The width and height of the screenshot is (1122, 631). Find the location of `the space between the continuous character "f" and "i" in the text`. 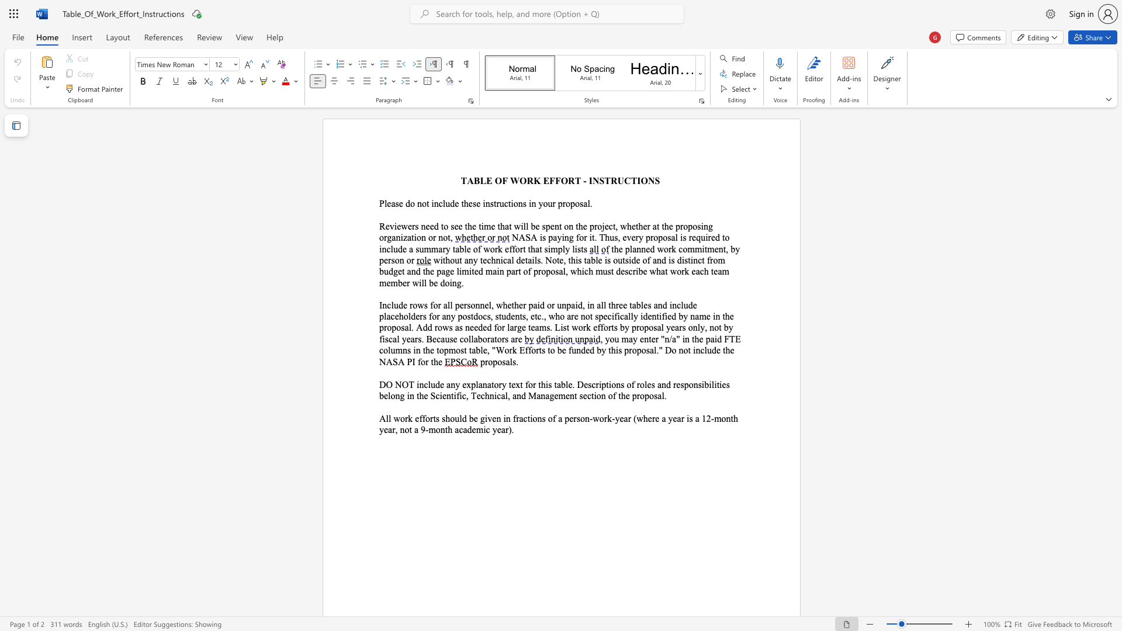

the space between the continuous character "f" and "i" in the text is located at coordinates (664, 316).